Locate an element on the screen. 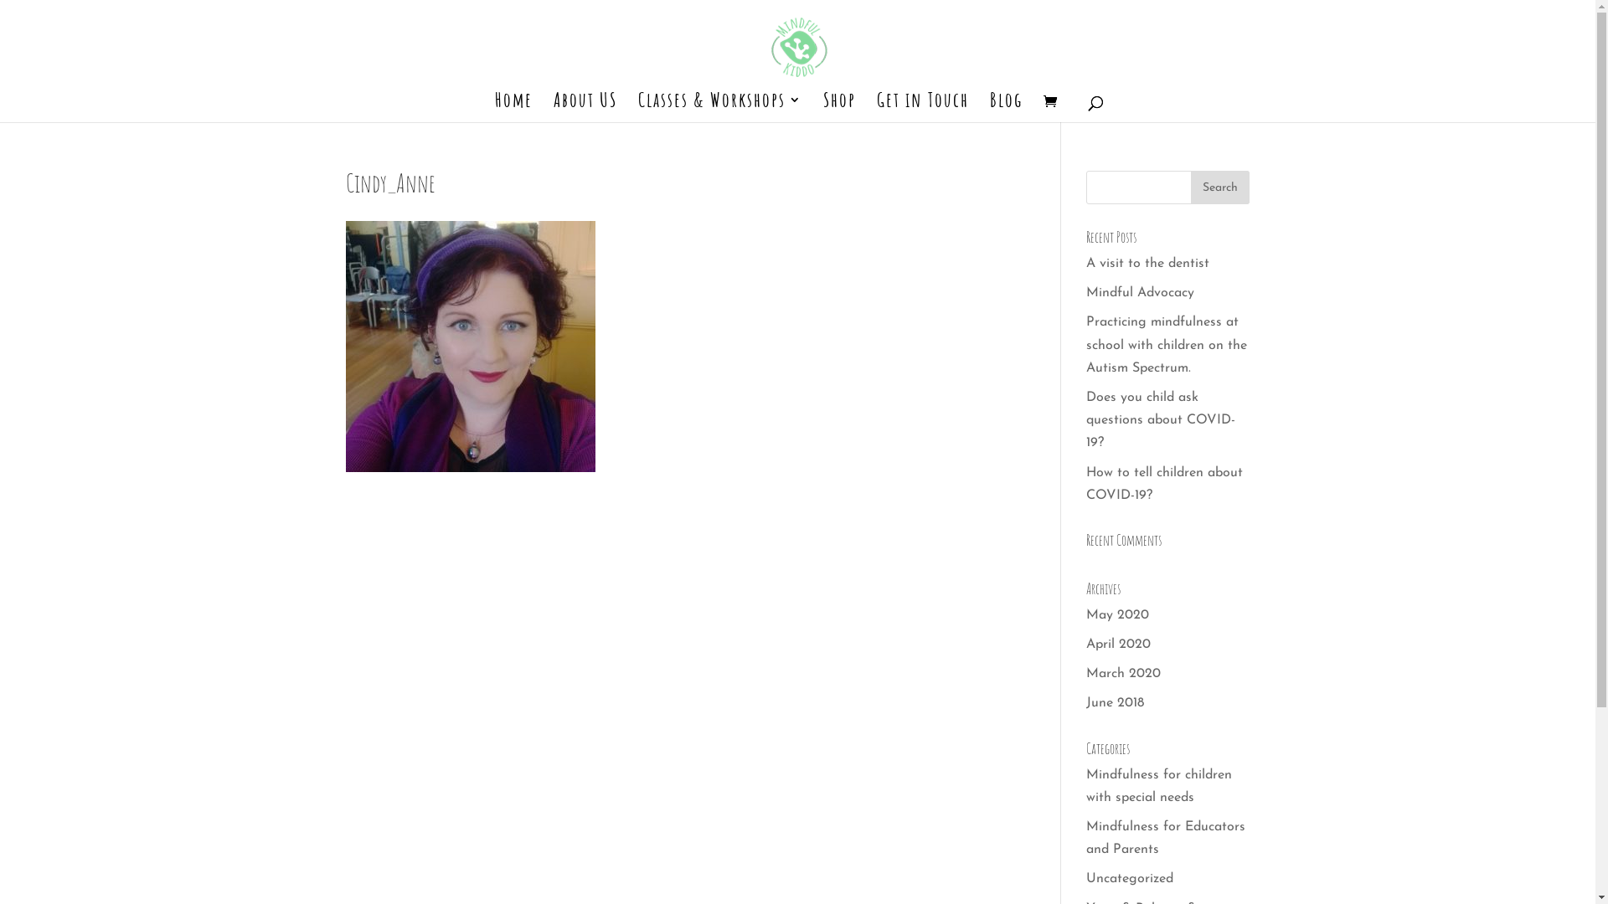 The width and height of the screenshot is (1608, 904). 'About US' is located at coordinates (584, 107).